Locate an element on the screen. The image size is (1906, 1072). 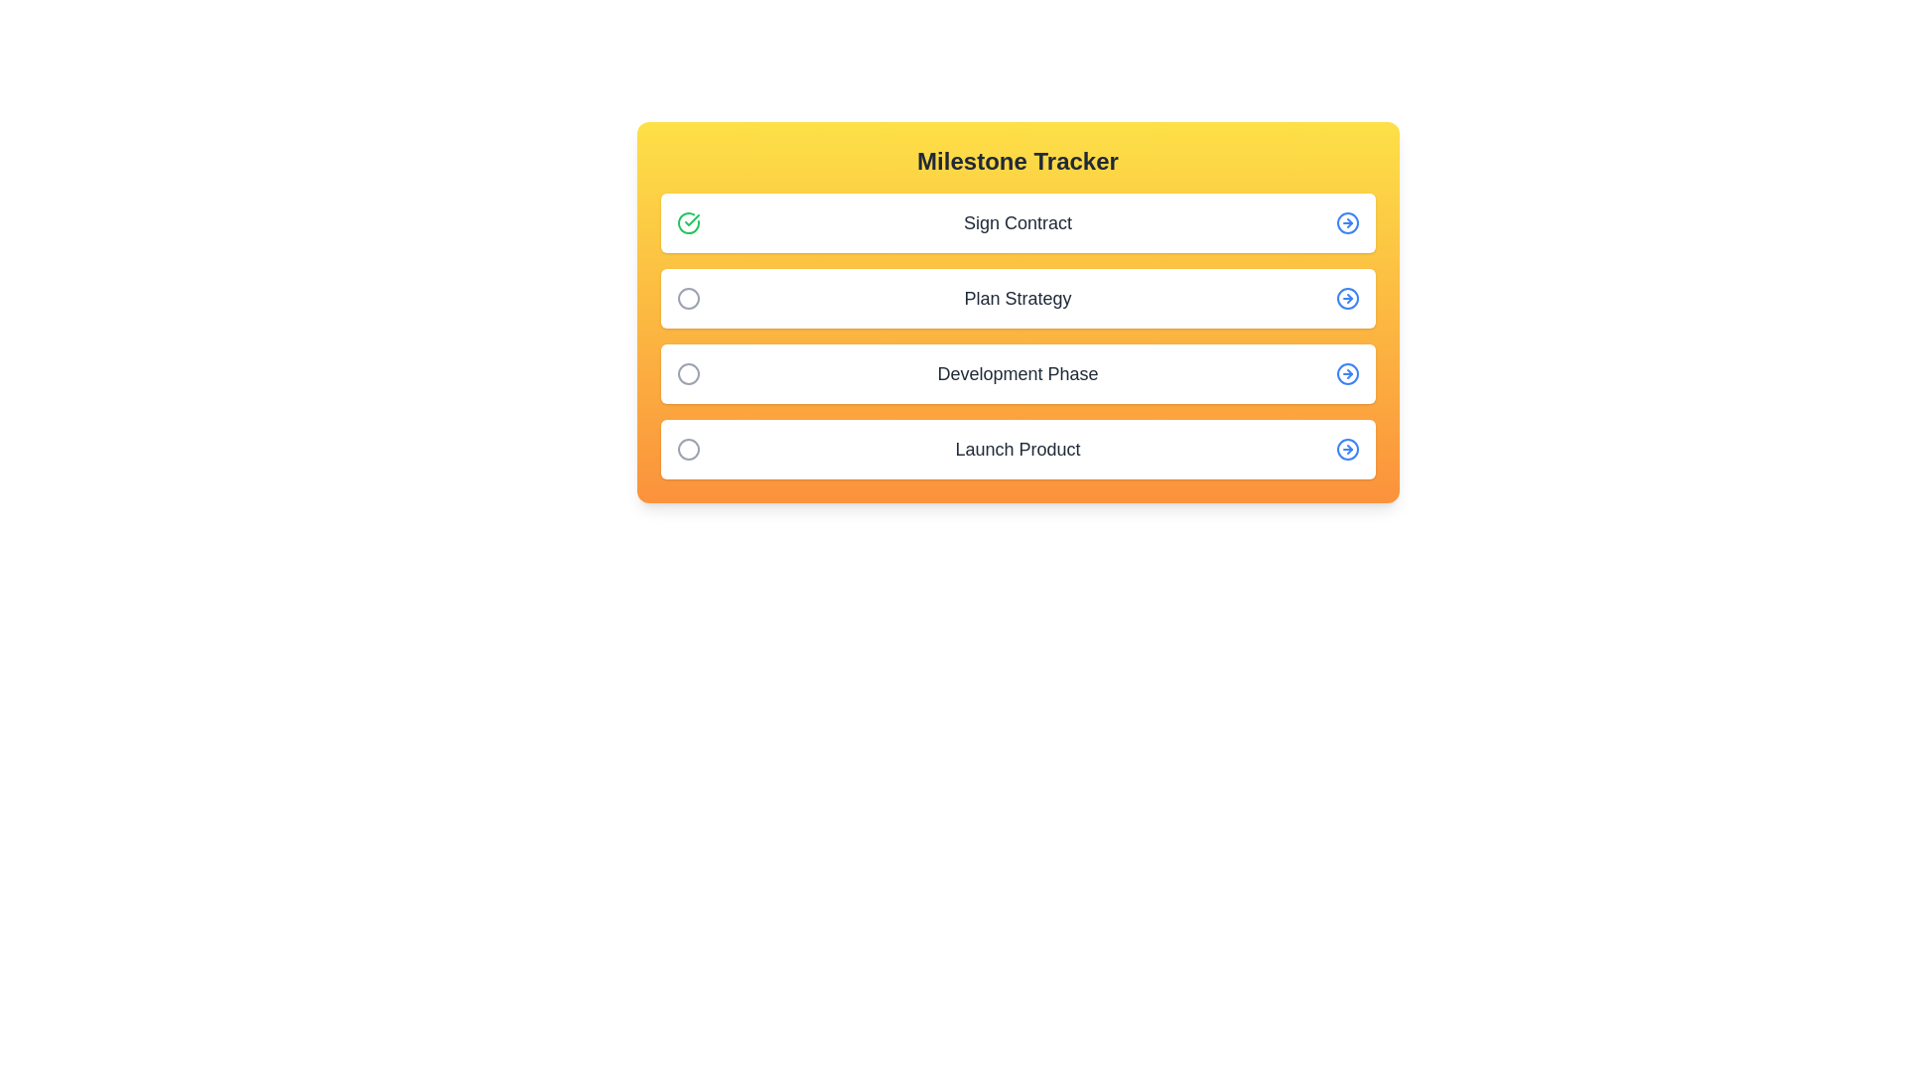
the neutral gray SVG circle element in the third milestone indicator under the 'Development Phase' label, indicating the milestone is not completed is located at coordinates (688, 374).